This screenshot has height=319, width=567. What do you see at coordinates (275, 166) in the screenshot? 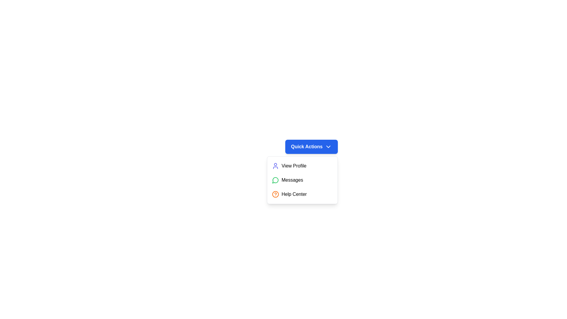
I see `the icon next to the dropdown item labeled 'View Profile'` at bounding box center [275, 166].